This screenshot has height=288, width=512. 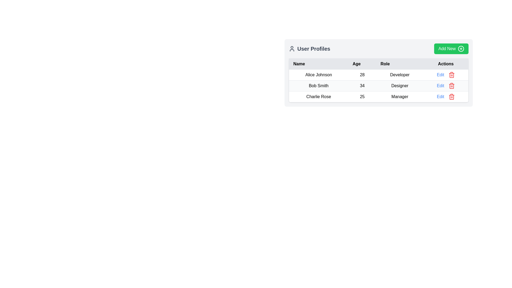 I want to click on the text label displaying the name 'Alice Johnson' in the first row of the User Profiles table, so click(x=318, y=75).